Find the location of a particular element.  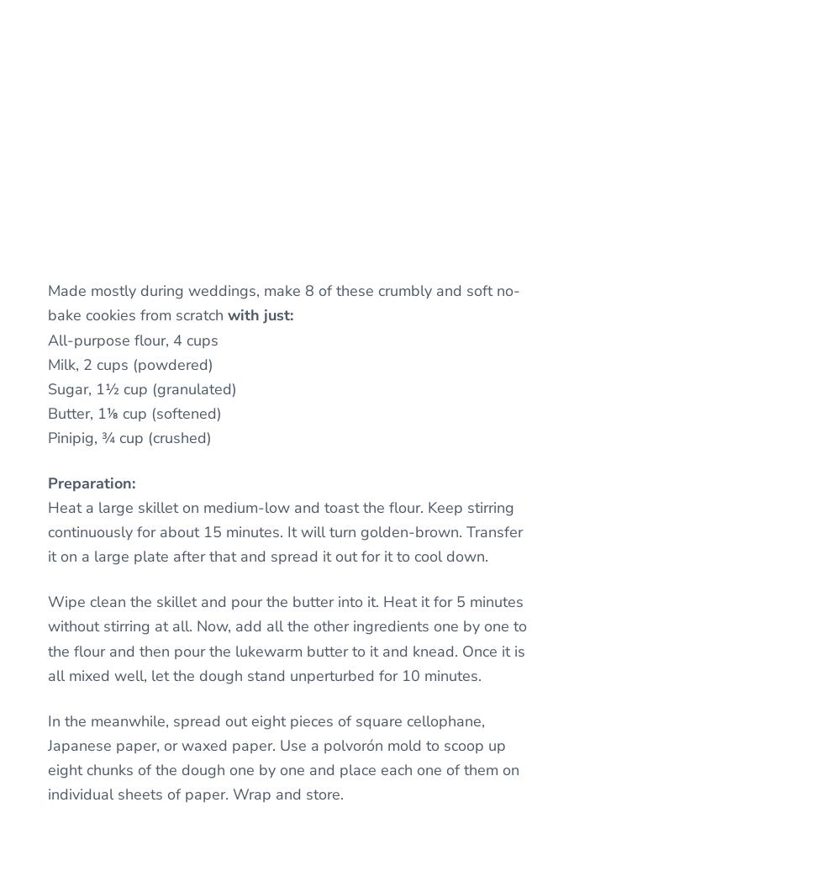

'Pinipig, ¾ cup (crushed)' is located at coordinates (46, 437).